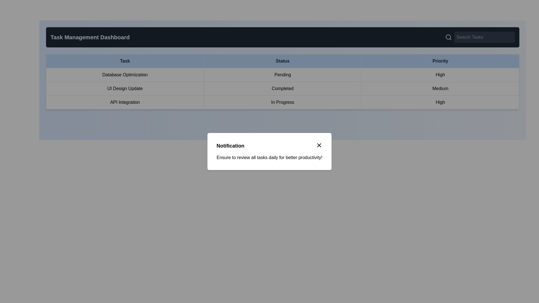 The height and width of the screenshot is (303, 539). Describe the element at coordinates (125, 74) in the screenshot. I see `the Text display field that has a light gray background and displays 'Database Optimization', located in the leftmost column of a three-column row` at that location.